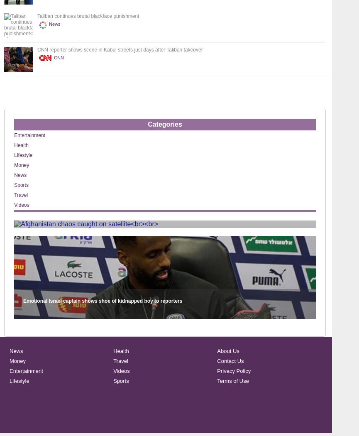  What do you see at coordinates (119, 49) in the screenshot?
I see `'CNN reporter shows scene in Kabul streets just days after Taliban takeover'` at bounding box center [119, 49].